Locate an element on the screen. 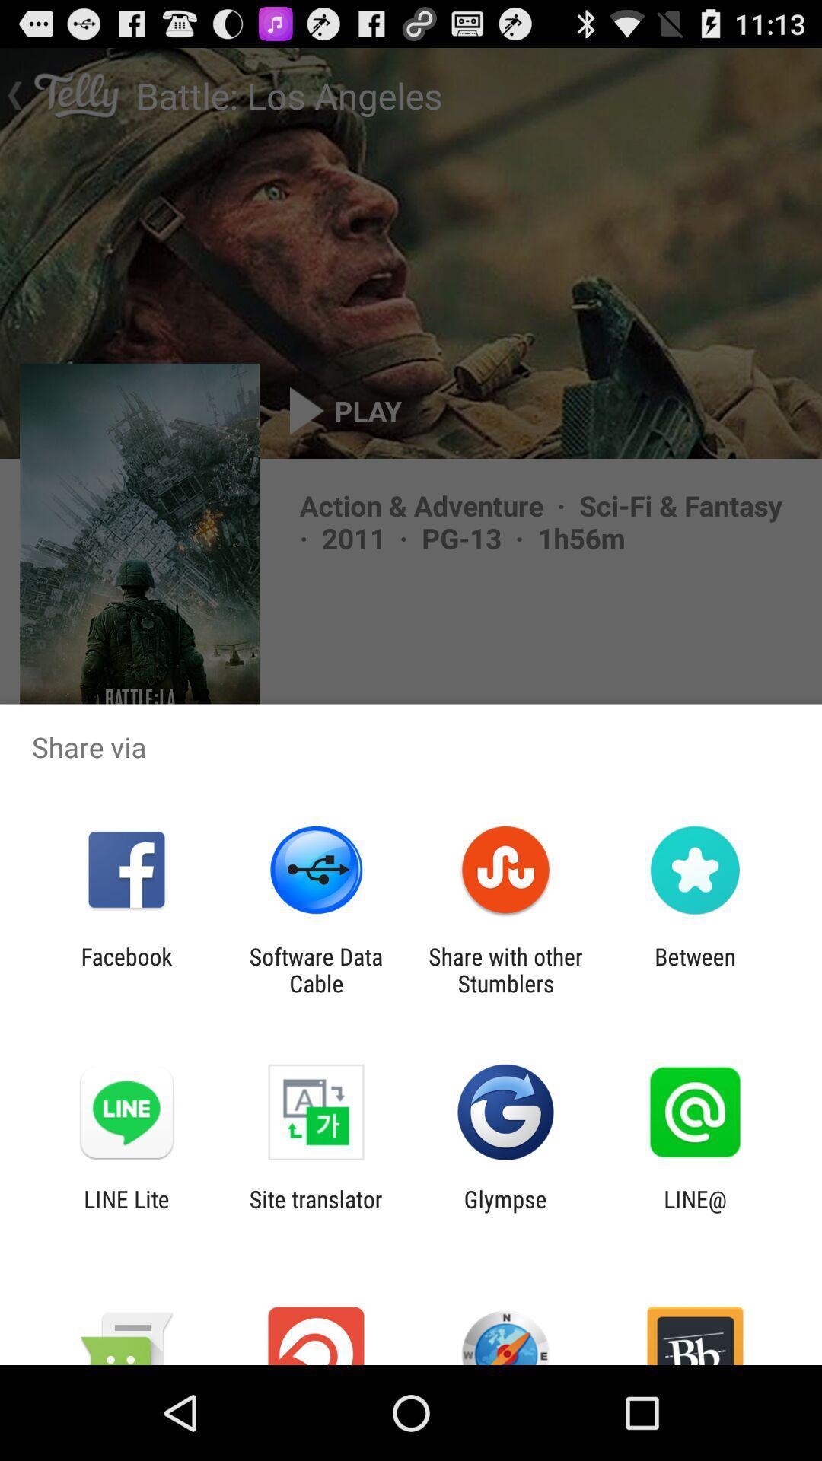 Image resolution: width=822 pixels, height=1461 pixels. the glympse item is located at coordinates (505, 1211).